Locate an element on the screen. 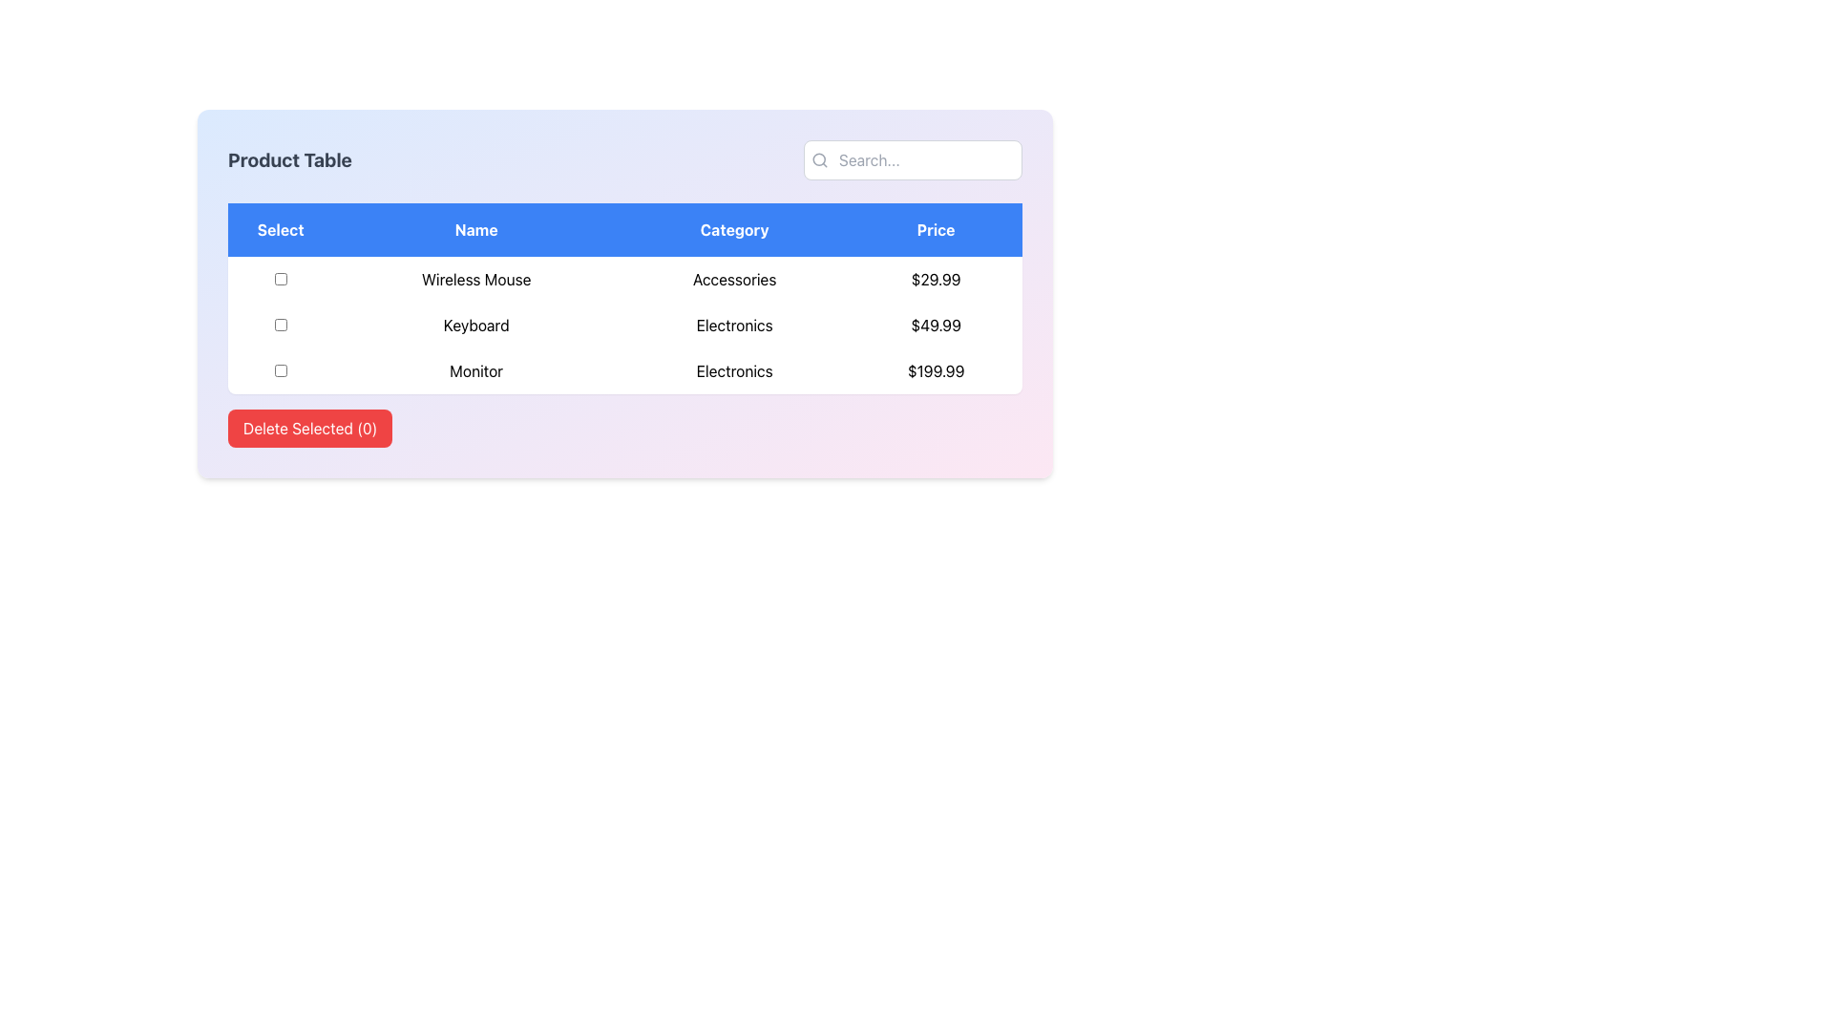  the blue rectangular button labeled 'Select', which serves as a reference for the corresponding column in the data table is located at coordinates (280, 228).